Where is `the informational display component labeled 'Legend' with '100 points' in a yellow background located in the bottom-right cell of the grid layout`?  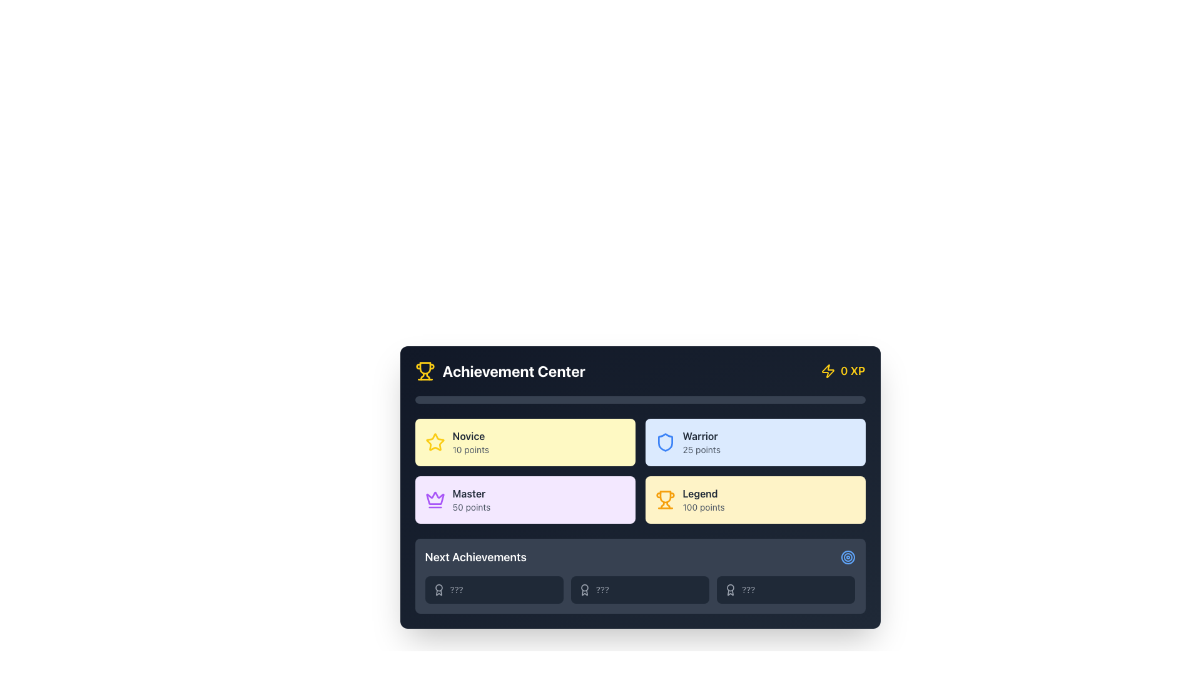 the informational display component labeled 'Legend' with '100 points' in a yellow background located in the bottom-right cell of the grid layout is located at coordinates (704, 499).